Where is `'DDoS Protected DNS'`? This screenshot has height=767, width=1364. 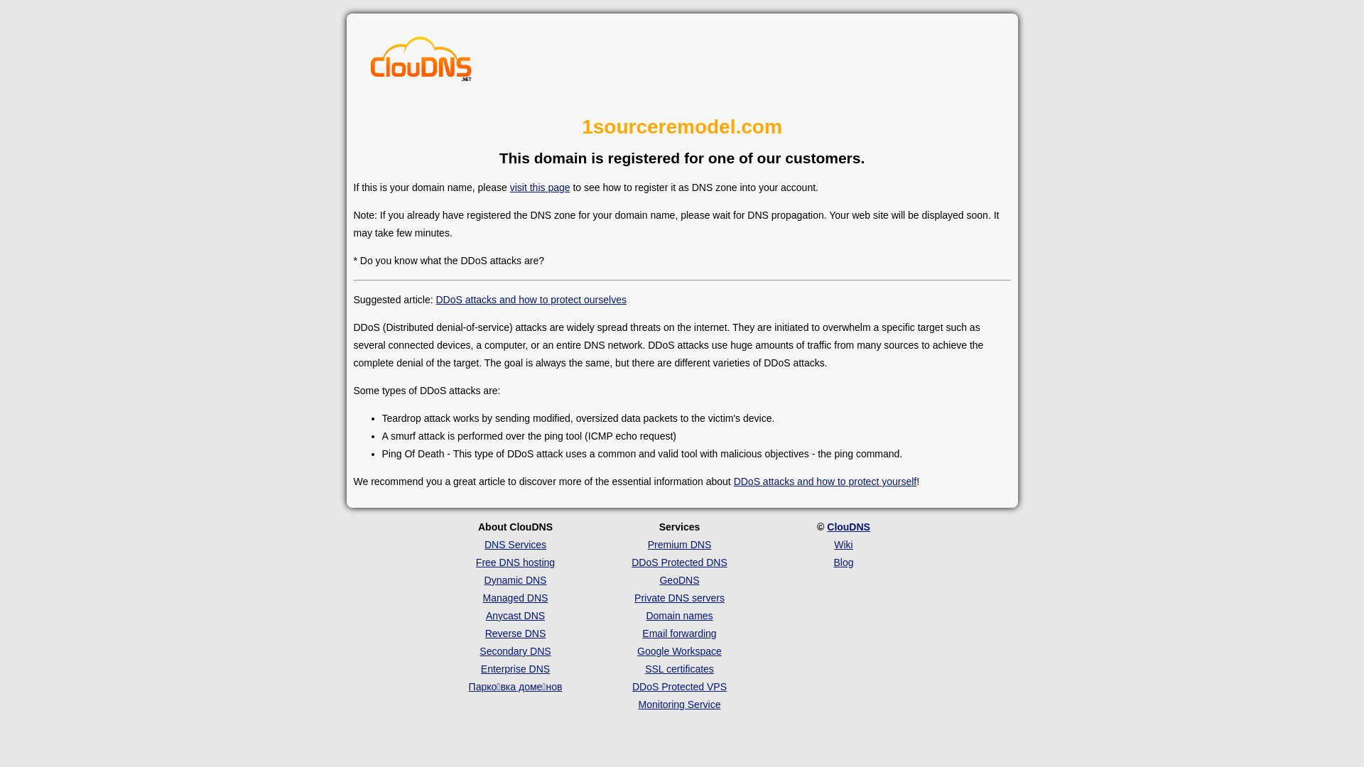 'DDoS Protected DNS' is located at coordinates (678, 561).